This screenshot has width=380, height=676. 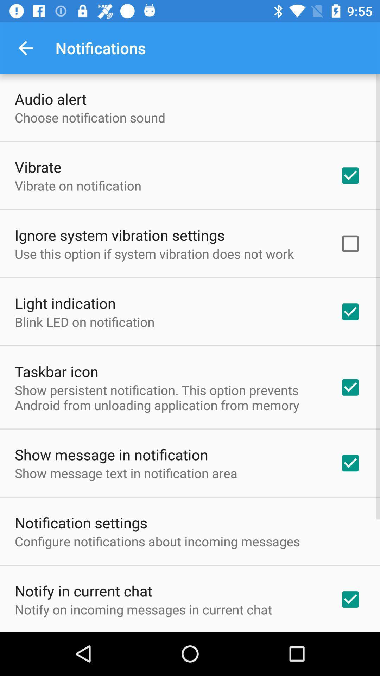 I want to click on light indication icon, so click(x=65, y=303).